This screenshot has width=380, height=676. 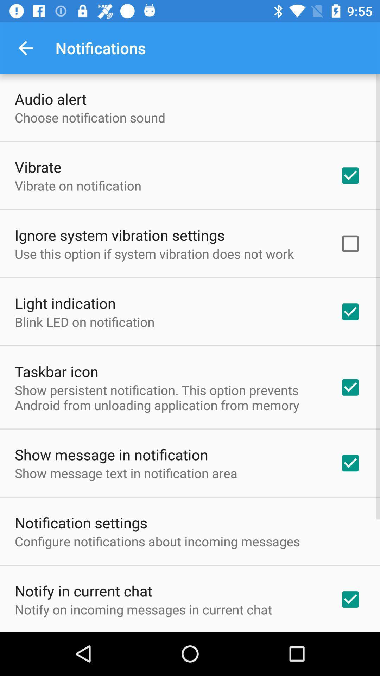 I want to click on light indication icon, so click(x=65, y=303).